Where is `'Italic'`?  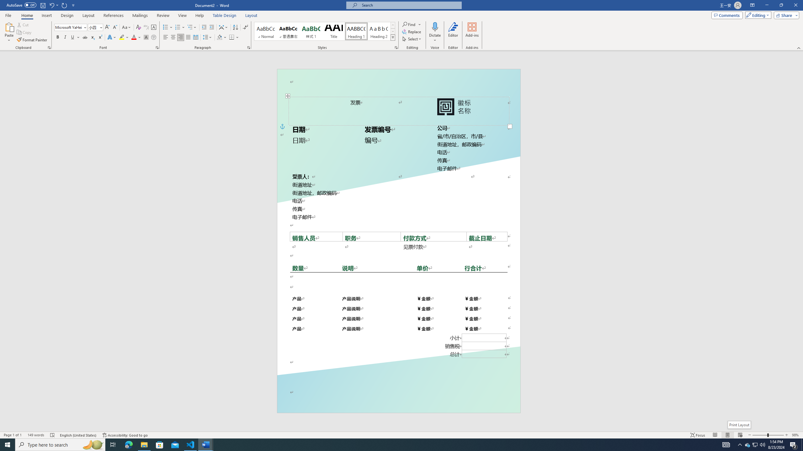
'Italic' is located at coordinates (65, 37).